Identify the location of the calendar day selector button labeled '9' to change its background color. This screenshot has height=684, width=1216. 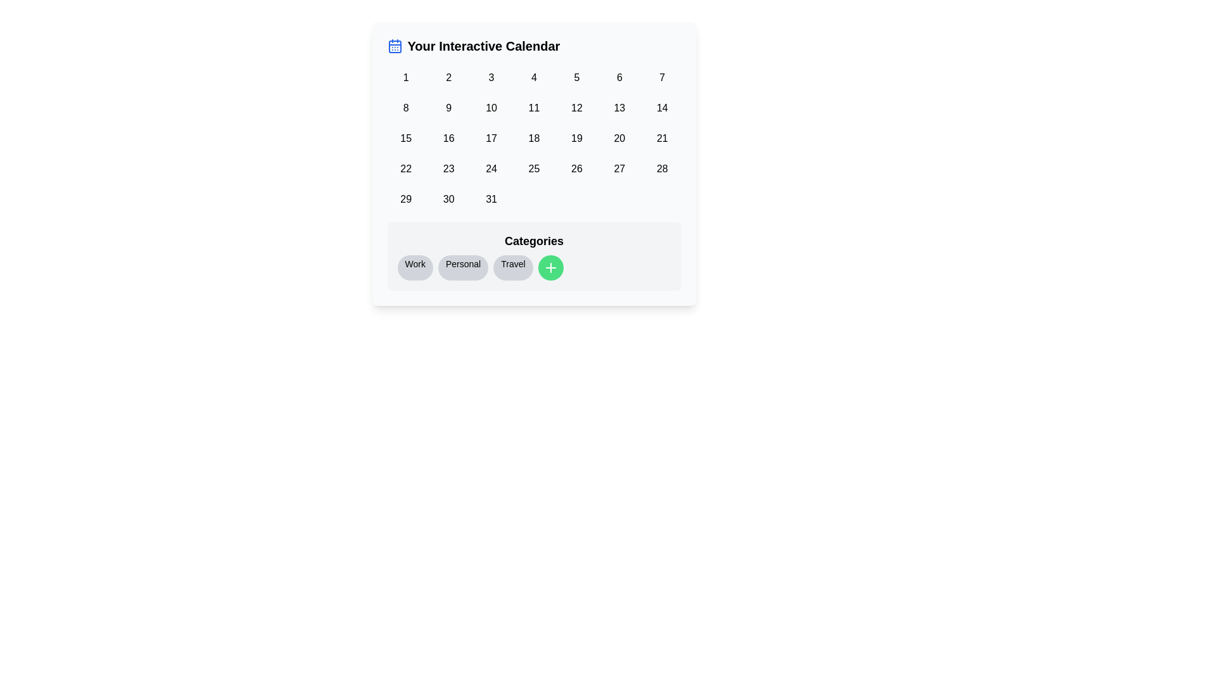
(448, 107).